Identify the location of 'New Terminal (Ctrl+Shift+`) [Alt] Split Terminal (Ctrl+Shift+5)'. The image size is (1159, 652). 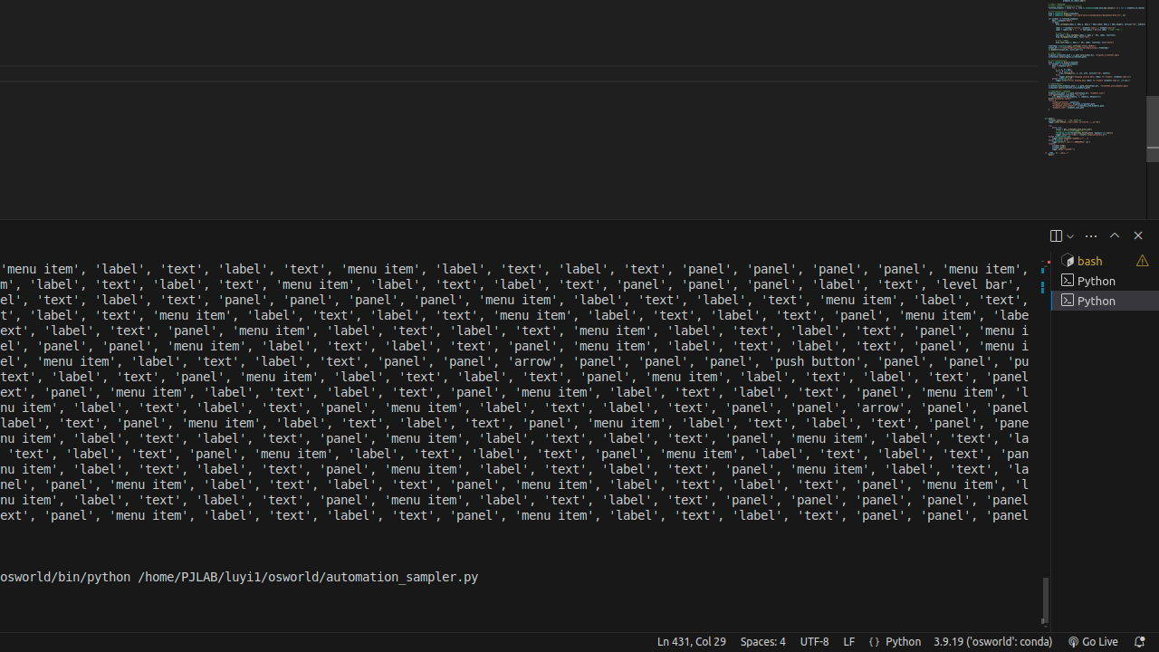
(1055, 235).